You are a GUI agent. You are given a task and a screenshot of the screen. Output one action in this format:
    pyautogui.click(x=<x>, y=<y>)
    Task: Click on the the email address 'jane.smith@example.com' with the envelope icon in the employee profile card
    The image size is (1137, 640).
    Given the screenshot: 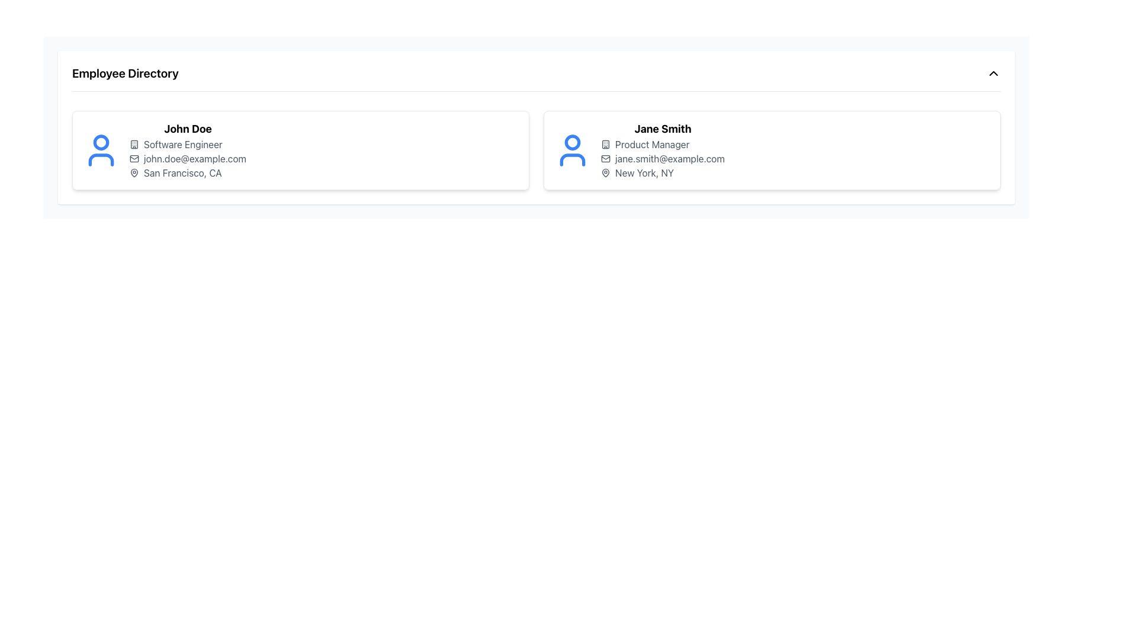 What is the action you would take?
    pyautogui.click(x=662, y=158)
    